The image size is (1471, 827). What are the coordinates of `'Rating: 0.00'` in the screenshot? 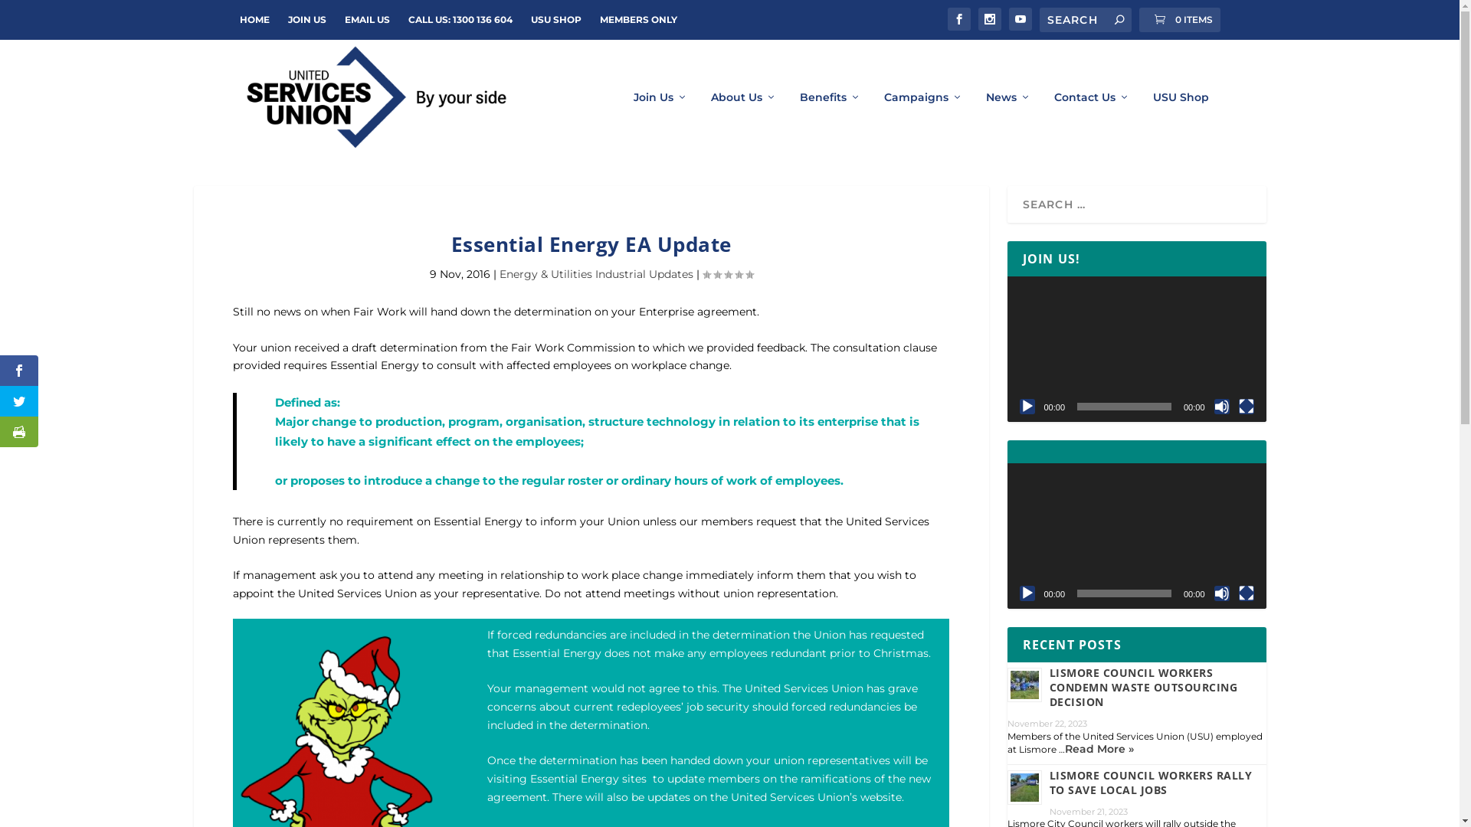 It's located at (726, 273).